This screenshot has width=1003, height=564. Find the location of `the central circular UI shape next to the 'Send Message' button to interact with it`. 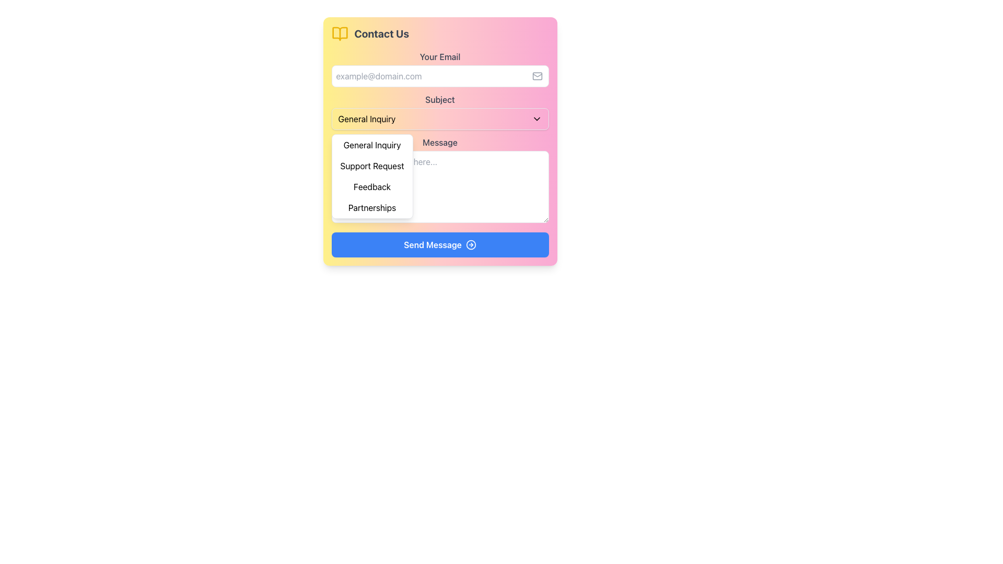

the central circular UI shape next to the 'Send Message' button to interact with it is located at coordinates (470, 245).